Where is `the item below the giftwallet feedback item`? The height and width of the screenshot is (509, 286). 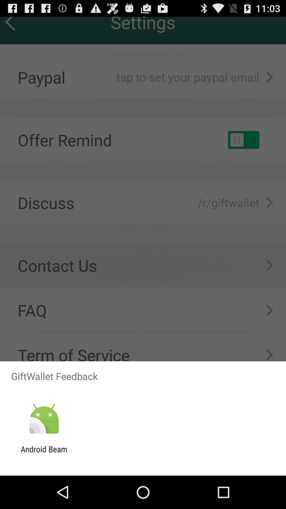 the item below the giftwallet feedback item is located at coordinates (44, 419).